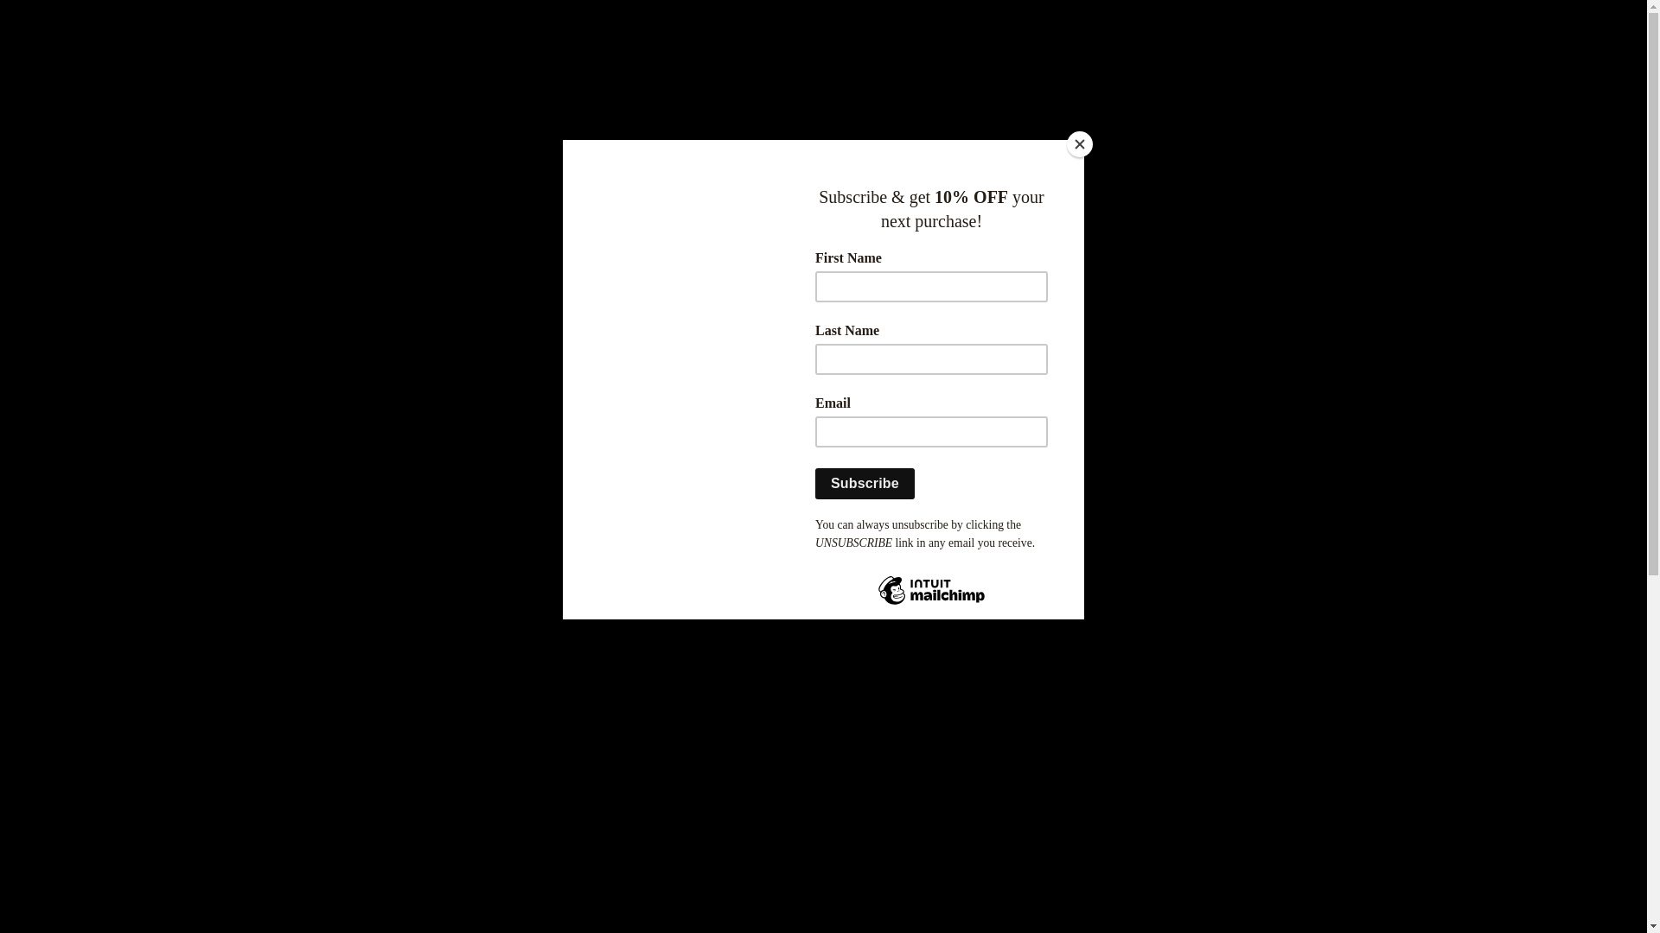  I want to click on '(0)', so click(1201, 79).